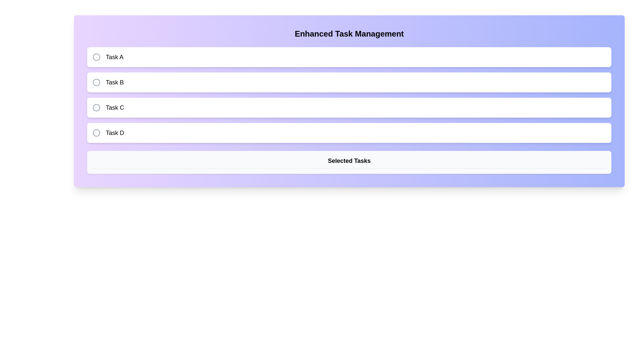 This screenshot has width=639, height=359. Describe the element at coordinates (349, 162) in the screenshot. I see `the information displayed in the heading label located at the bottom of the 'Enhanced Task Management' section, directly below the task items` at that location.